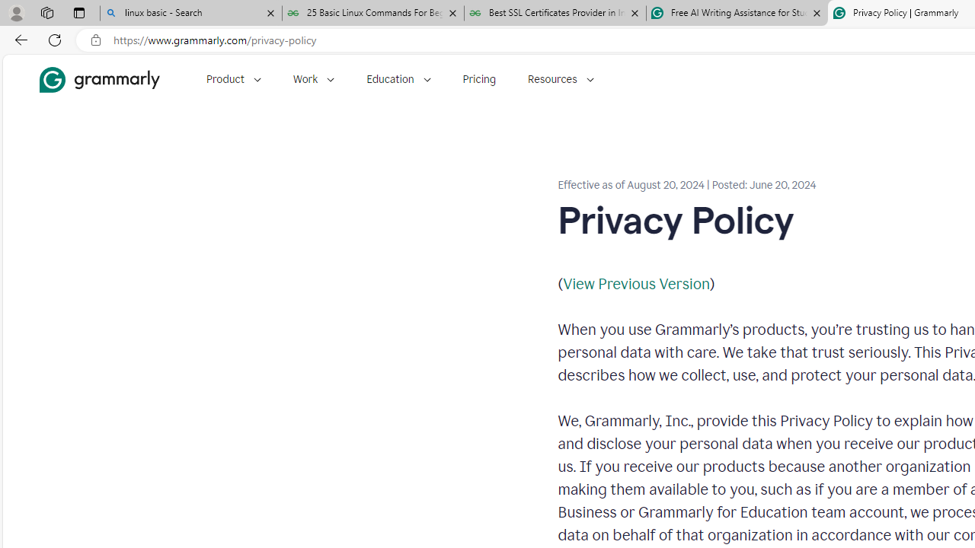 Image resolution: width=975 pixels, height=548 pixels. I want to click on 'Product', so click(233, 79).